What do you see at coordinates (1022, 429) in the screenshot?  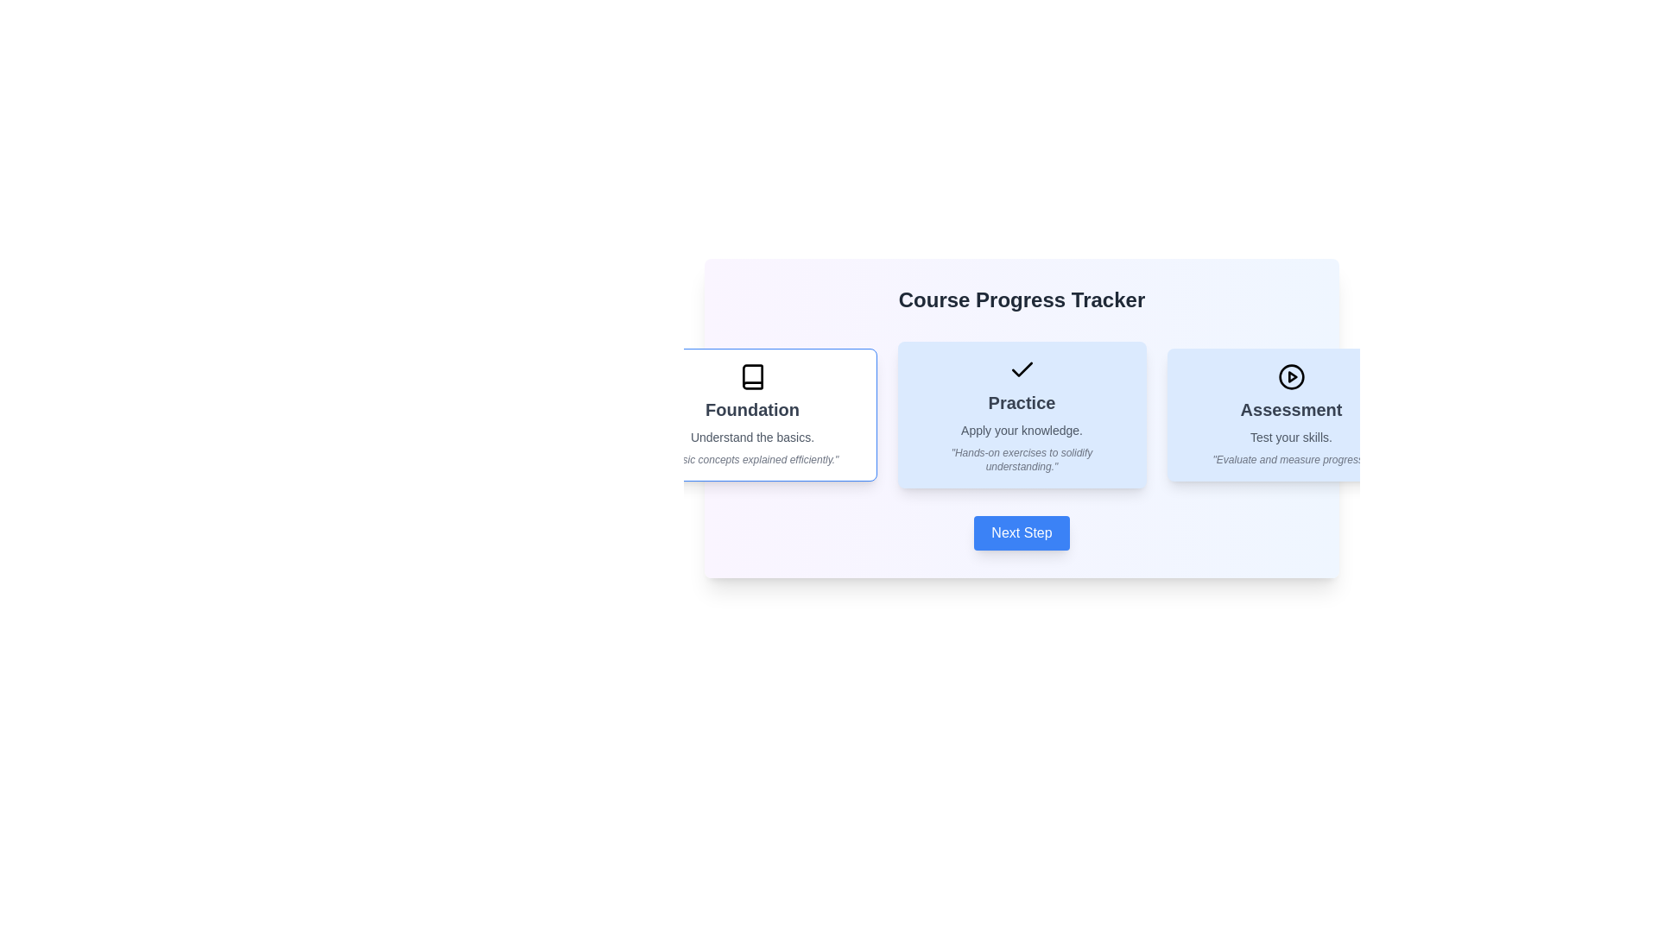 I see `the text label that displays 'Apply your knowledge.' located beneath the title 'Practice' within the card layout` at bounding box center [1022, 429].